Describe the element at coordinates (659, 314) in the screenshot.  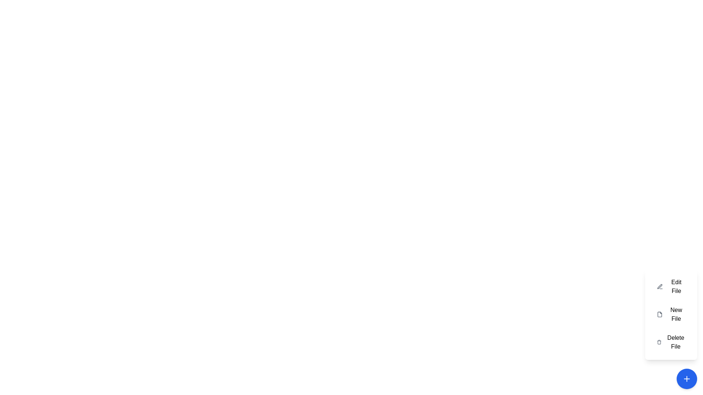
I see `the 'New File' icon located in the menu panel on the right side of the interface, positioned to the left of the text 'New File'` at that location.